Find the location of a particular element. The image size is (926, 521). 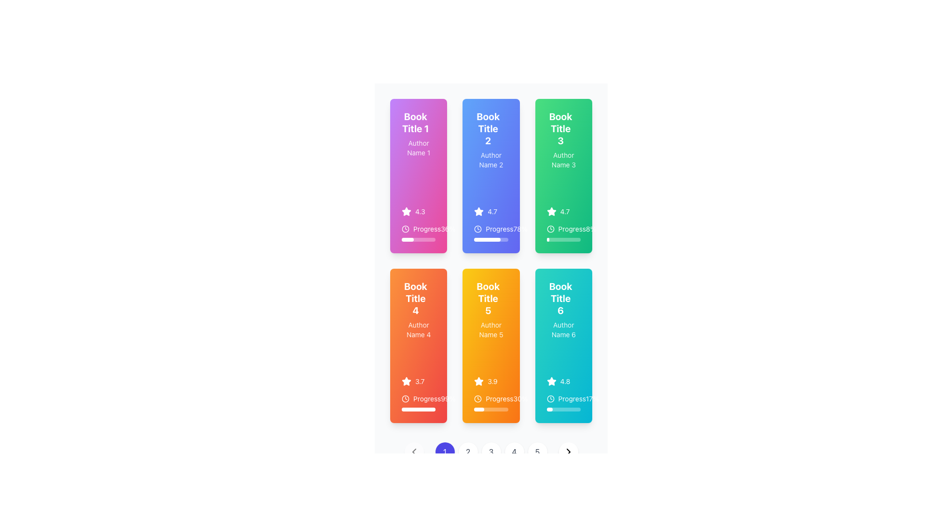

the 'Progress' text label, which is styled in white text on a pink background and includes a clock icon to its left, located under the title 'Book Title 1' is located at coordinates (421, 229).